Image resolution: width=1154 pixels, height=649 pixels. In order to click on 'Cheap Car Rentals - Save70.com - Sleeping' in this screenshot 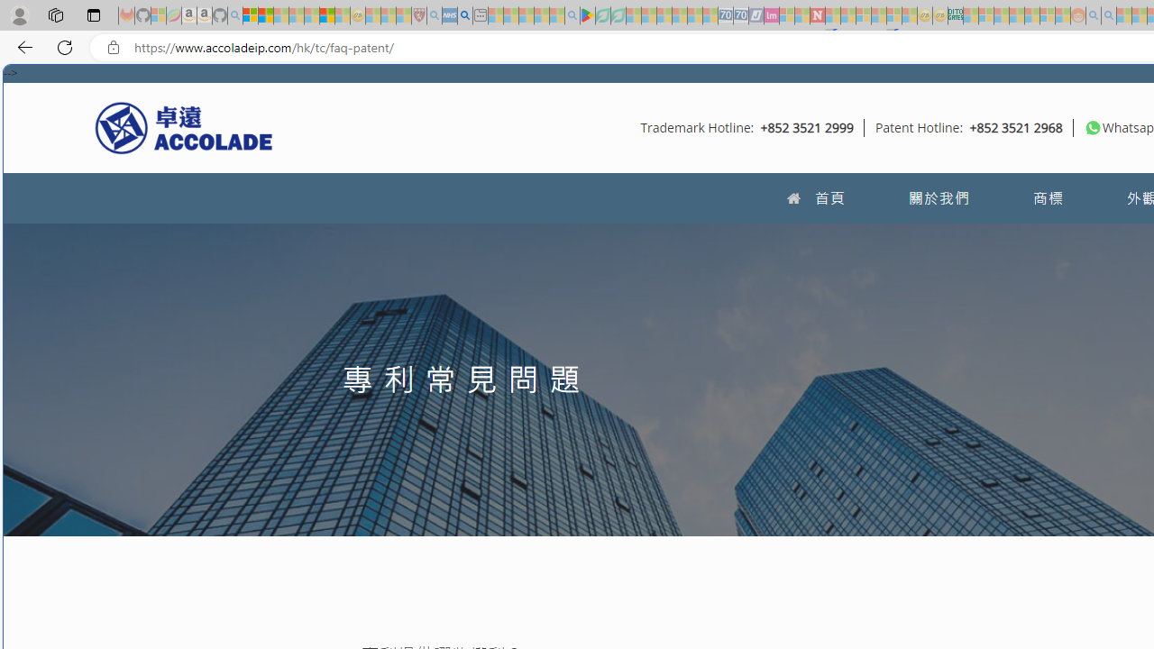, I will do `click(726, 15)`.